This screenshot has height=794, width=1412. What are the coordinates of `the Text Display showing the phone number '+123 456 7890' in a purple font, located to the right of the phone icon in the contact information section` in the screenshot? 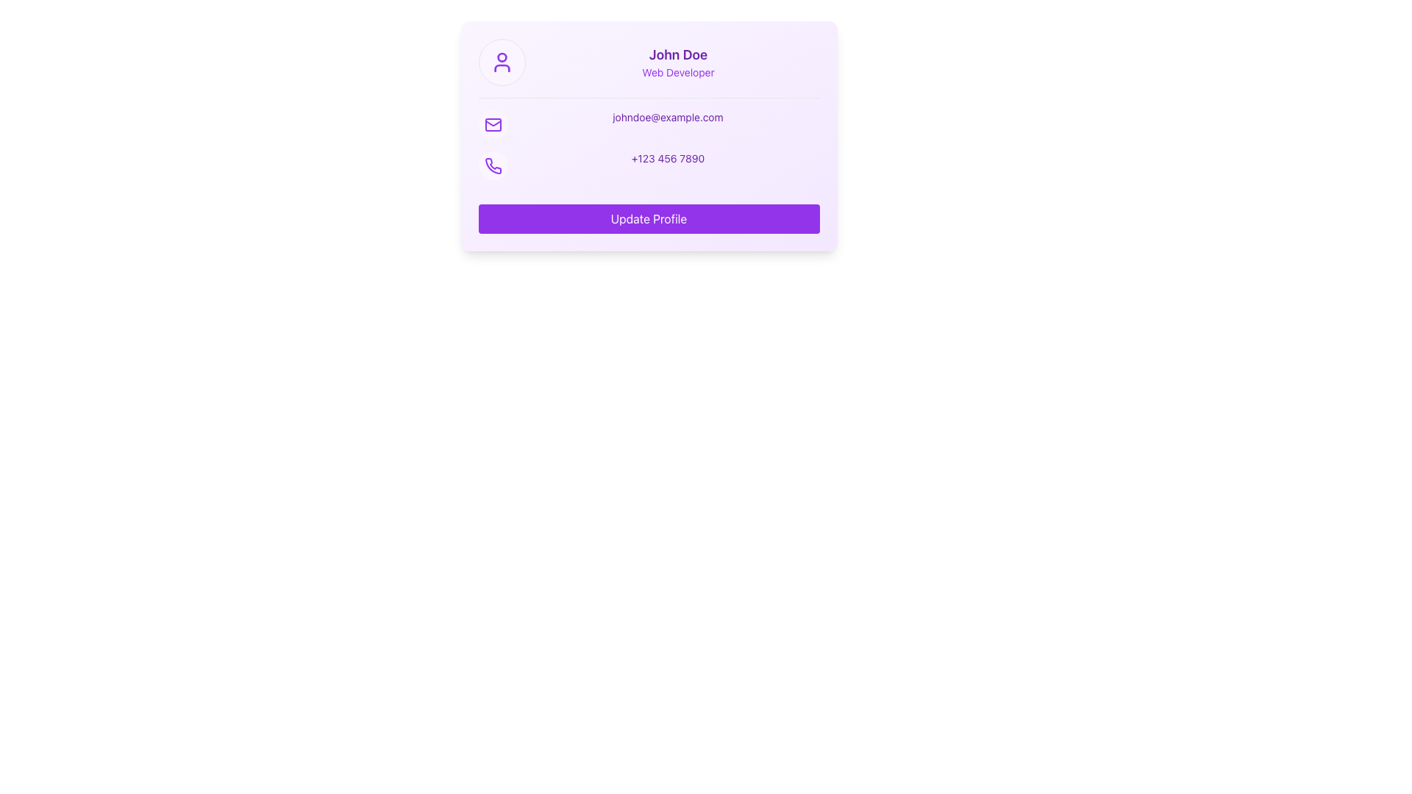 It's located at (667, 159).